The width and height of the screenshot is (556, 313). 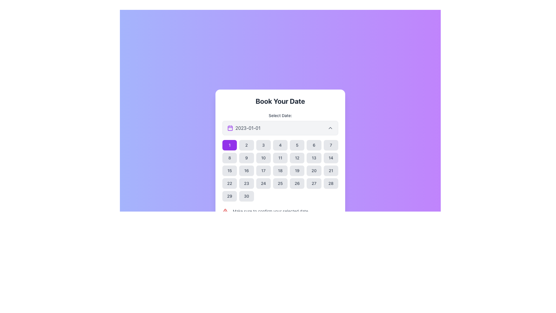 What do you see at coordinates (297, 183) in the screenshot?
I see `the button representing the 26th day in the date selector` at bounding box center [297, 183].